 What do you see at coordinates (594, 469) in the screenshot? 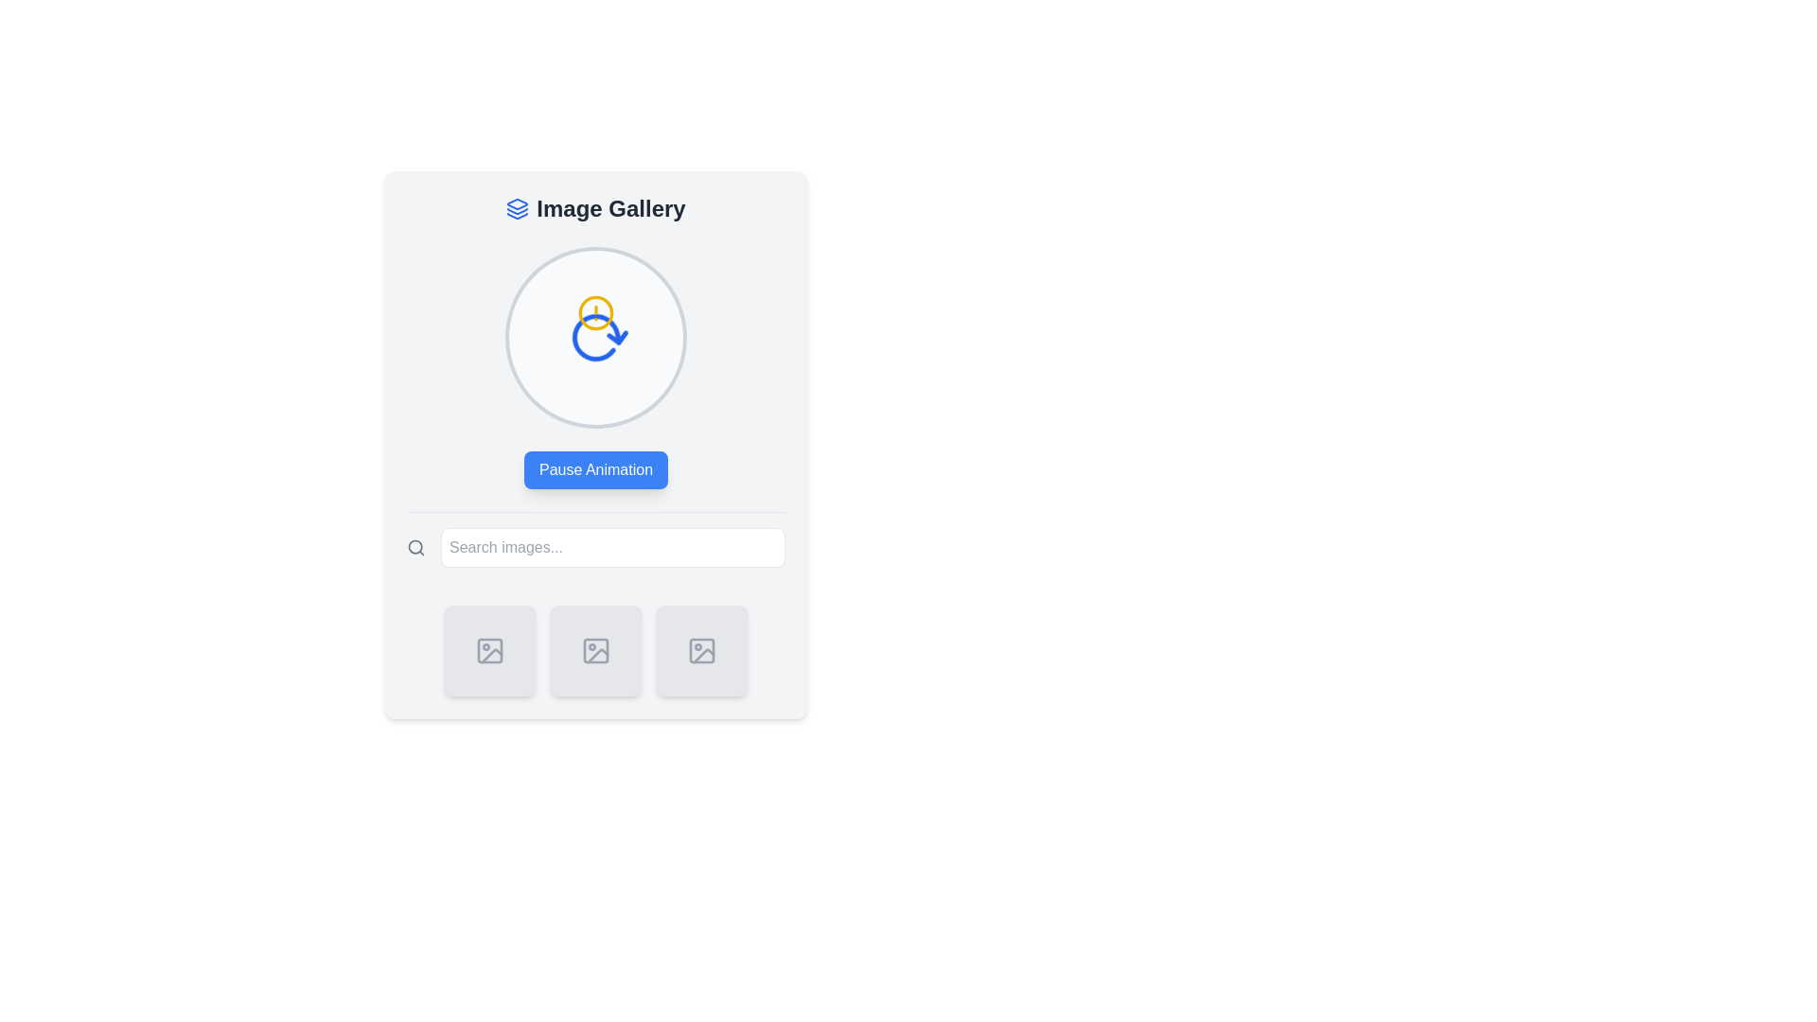
I see `the pause button located in the center of the interface, directly beneath the circular spinning animation icon` at bounding box center [594, 469].